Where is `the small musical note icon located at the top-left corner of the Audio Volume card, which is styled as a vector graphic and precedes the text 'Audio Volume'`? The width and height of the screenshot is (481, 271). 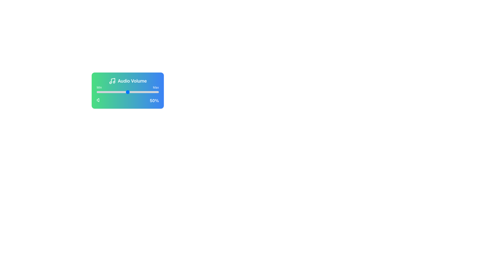 the small musical note icon located at the top-left corner of the Audio Volume card, which is styled as a vector graphic and precedes the text 'Audio Volume' is located at coordinates (112, 81).